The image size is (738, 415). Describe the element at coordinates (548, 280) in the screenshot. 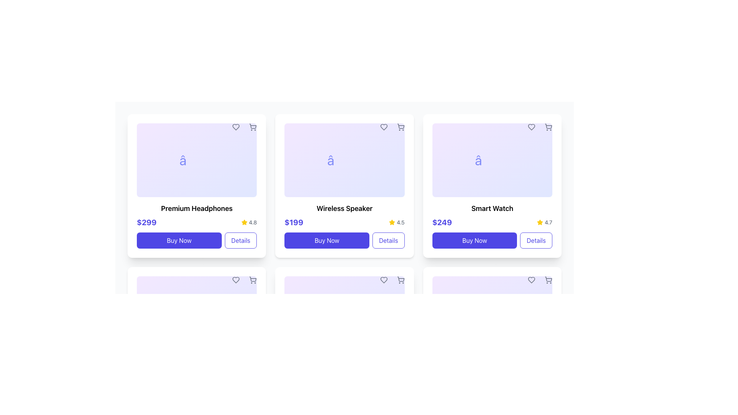

I see `the add to cart icon located in the top-right corner of the third product card under the 'Smart Watch' section` at that location.